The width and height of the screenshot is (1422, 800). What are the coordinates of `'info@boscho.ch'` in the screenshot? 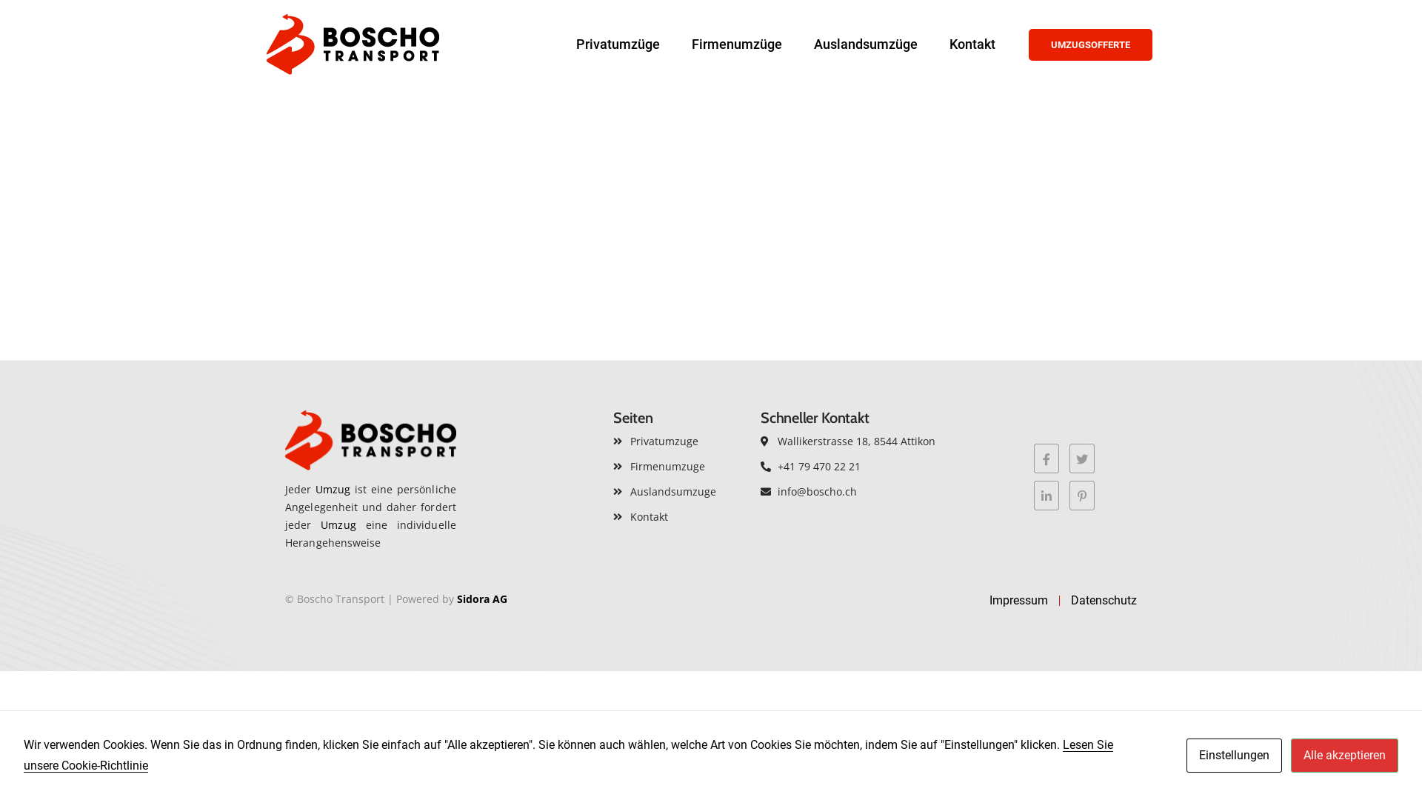 It's located at (860, 491).